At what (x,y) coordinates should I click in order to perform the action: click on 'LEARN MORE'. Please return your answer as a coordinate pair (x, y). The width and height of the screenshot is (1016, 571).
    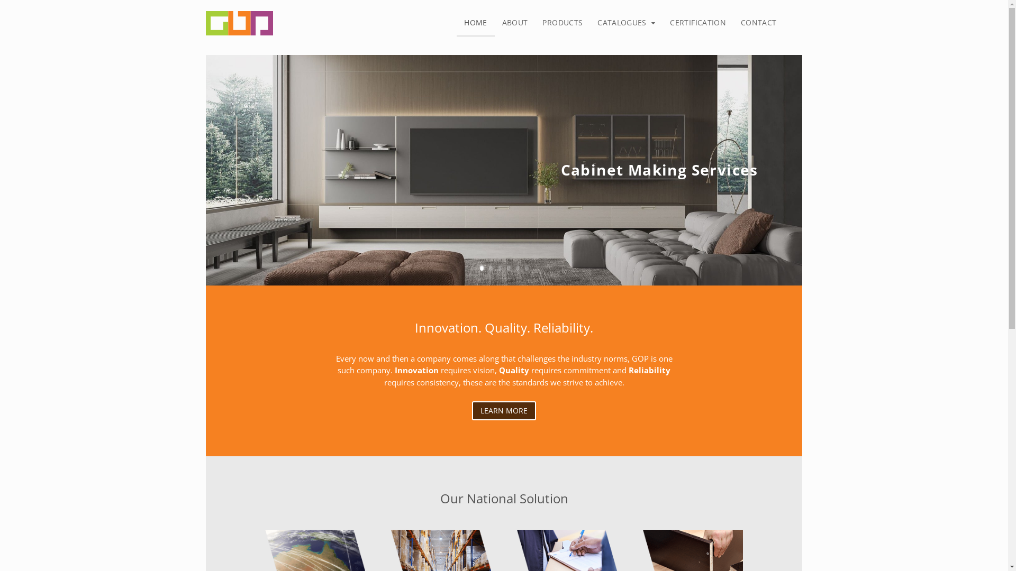
    Looking at the image, I should click on (503, 410).